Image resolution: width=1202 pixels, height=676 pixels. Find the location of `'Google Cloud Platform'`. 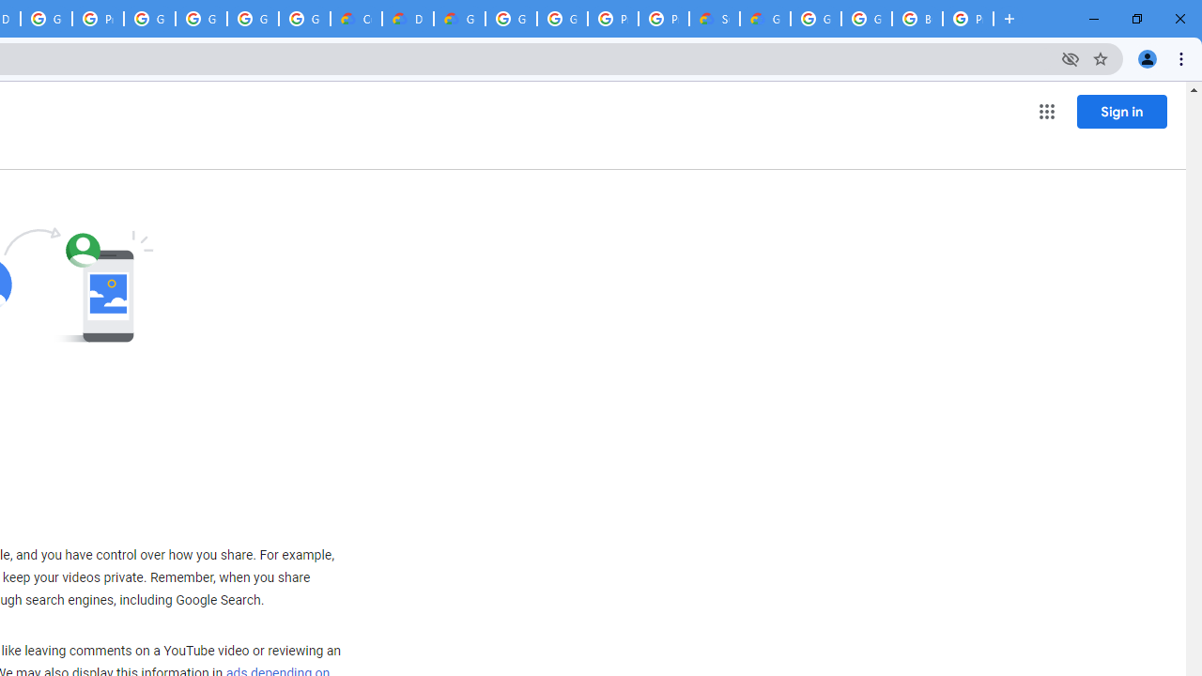

'Google Cloud Platform' is located at coordinates (511, 19).